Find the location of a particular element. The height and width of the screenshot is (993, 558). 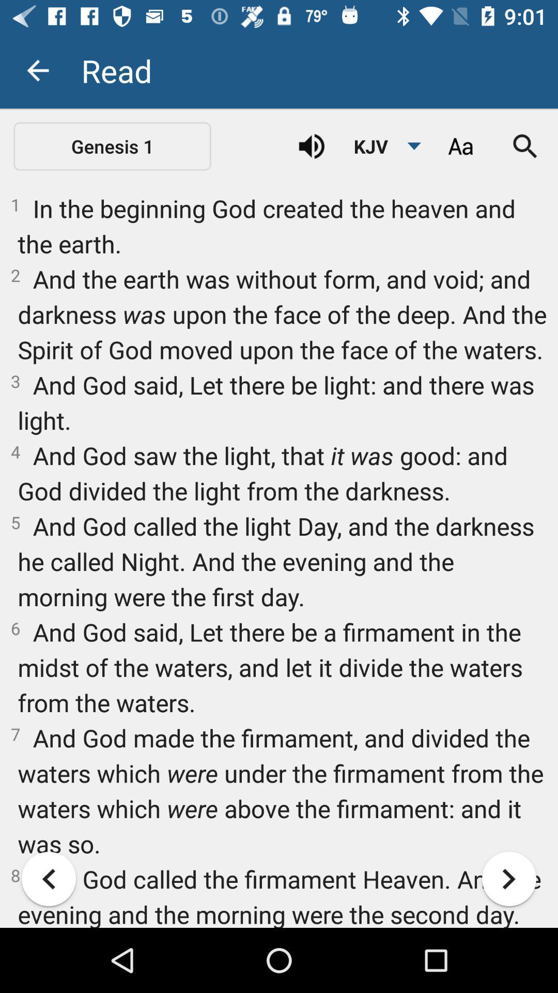

icon above the 1 in the item is located at coordinates (460, 146).